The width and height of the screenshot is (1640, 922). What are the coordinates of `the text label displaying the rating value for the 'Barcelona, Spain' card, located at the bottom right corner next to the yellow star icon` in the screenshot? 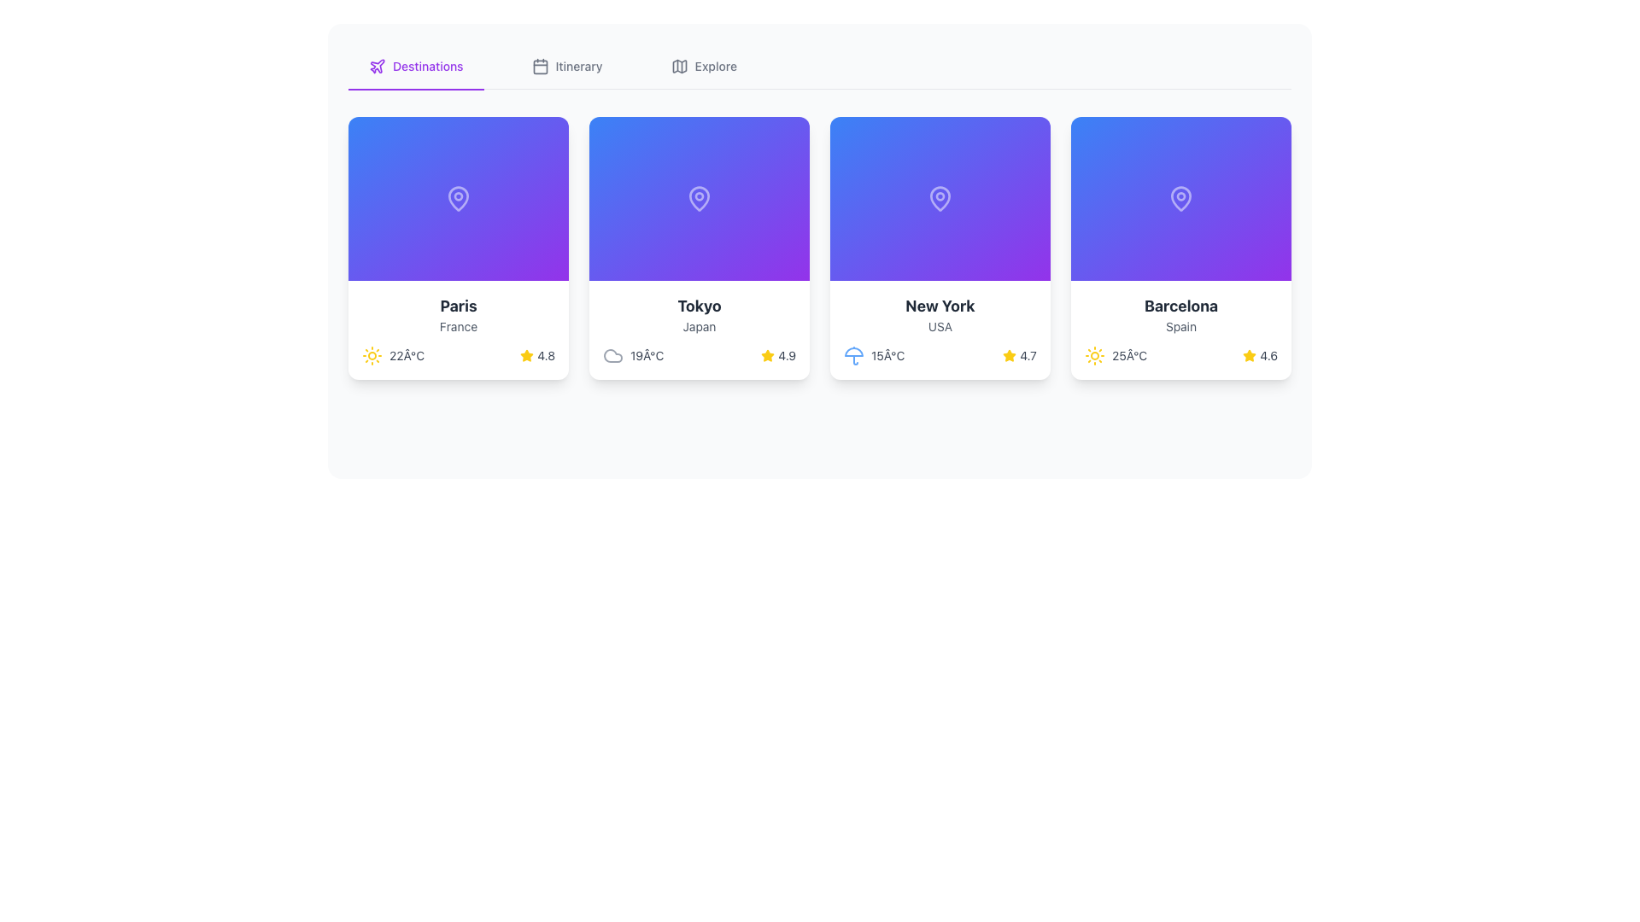 It's located at (1268, 354).